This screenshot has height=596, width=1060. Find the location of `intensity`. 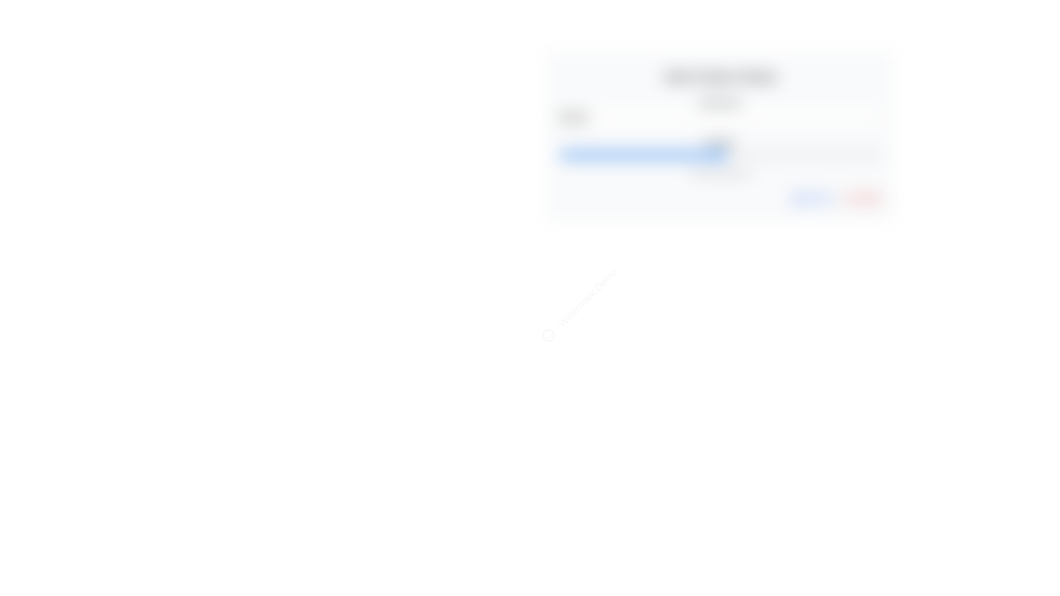

intensity is located at coordinates (874, 155).